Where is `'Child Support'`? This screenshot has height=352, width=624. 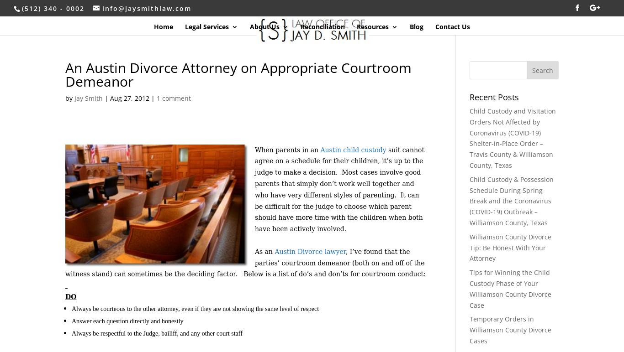 'Child Support' is located at coordinates (225, 91).